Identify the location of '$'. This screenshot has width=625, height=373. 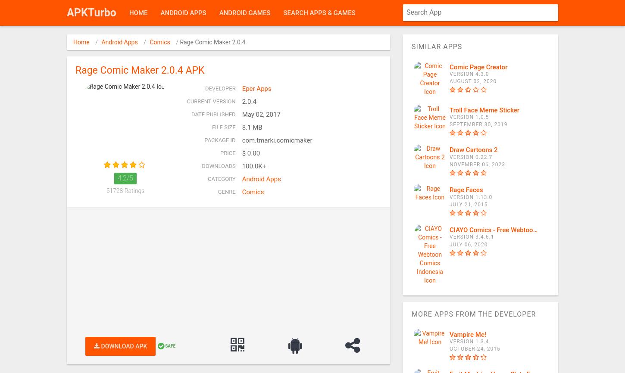
(244, 153).